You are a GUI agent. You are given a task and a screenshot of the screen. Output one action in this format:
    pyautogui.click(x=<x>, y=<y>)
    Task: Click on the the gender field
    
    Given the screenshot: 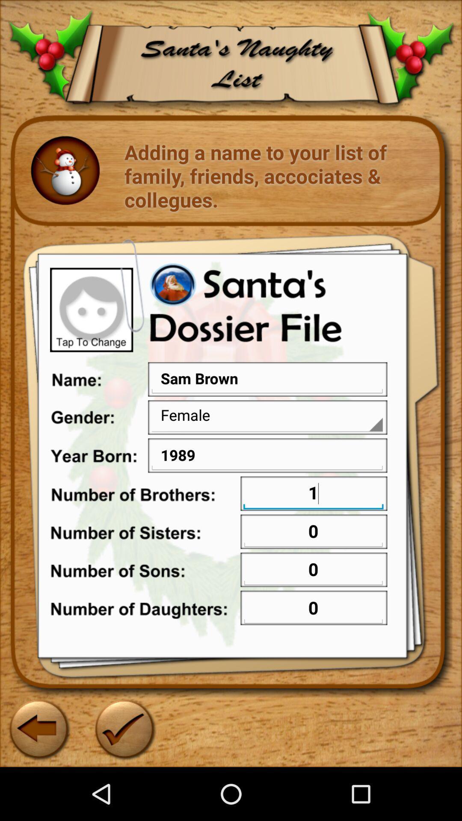 What is the action you would take?
    pyautogui.click(x=267, y=415)
    